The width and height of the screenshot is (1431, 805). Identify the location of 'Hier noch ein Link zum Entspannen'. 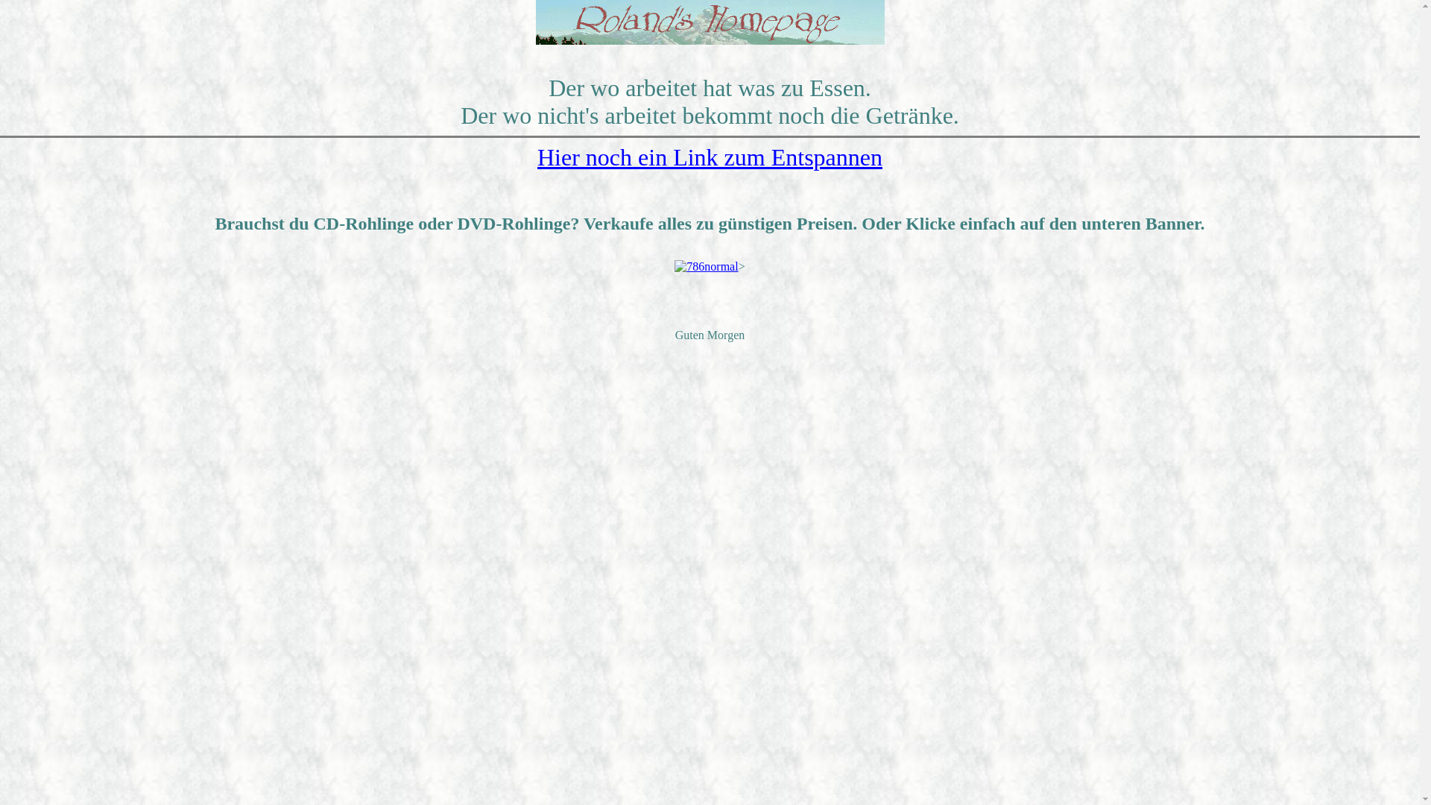
(709, 157).